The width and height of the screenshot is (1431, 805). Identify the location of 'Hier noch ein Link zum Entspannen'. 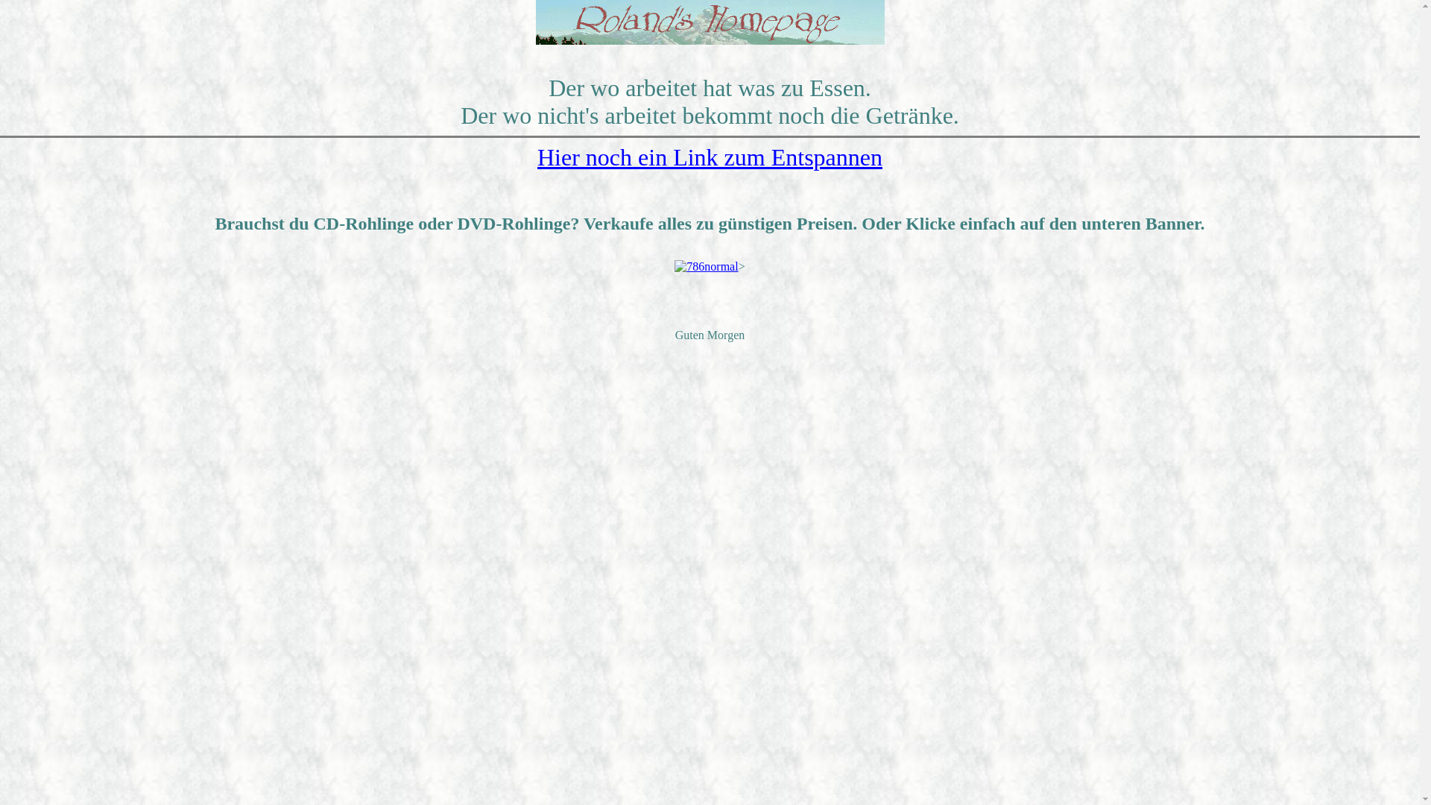
(709, 157).